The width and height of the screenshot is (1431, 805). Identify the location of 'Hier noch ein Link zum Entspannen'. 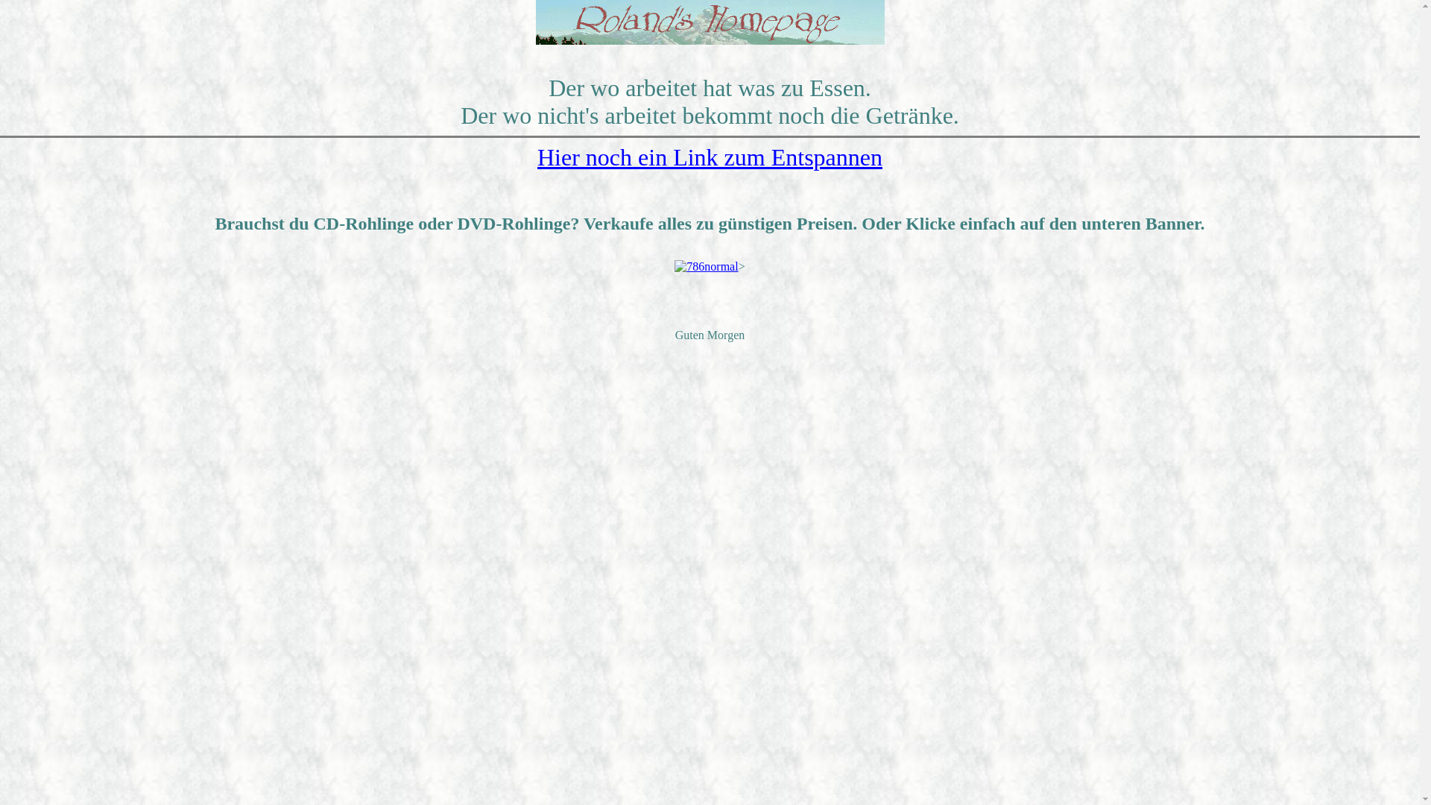
(709, 157).